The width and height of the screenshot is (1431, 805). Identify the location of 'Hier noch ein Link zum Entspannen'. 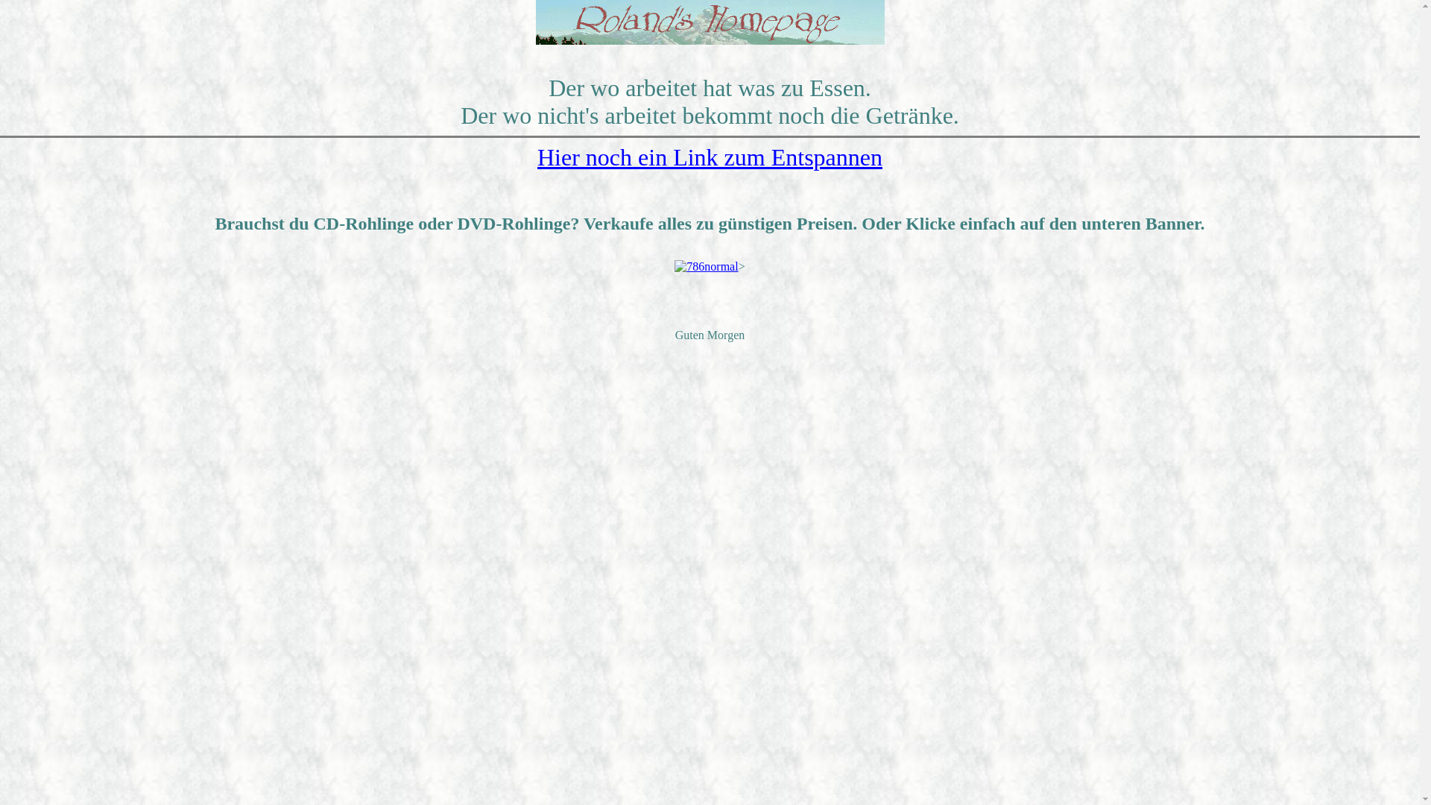
(709, 157).